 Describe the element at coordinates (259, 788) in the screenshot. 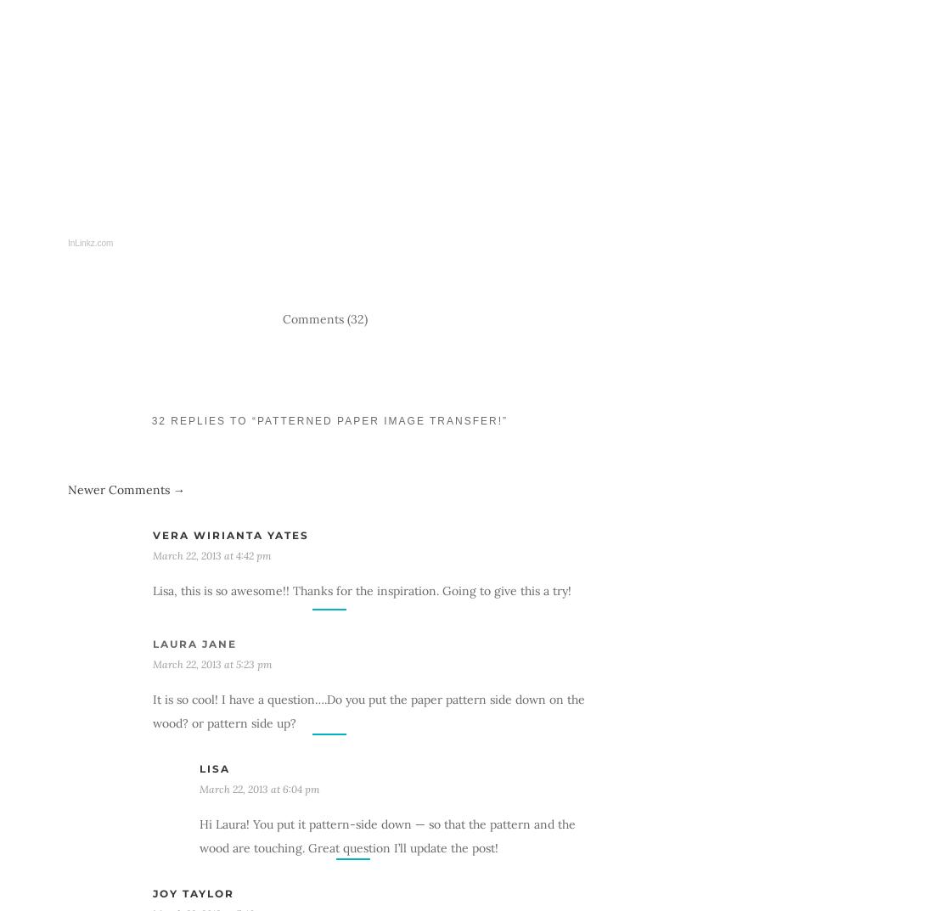

I see `'March 22, 2013 at 6:04 pm'` at that location.